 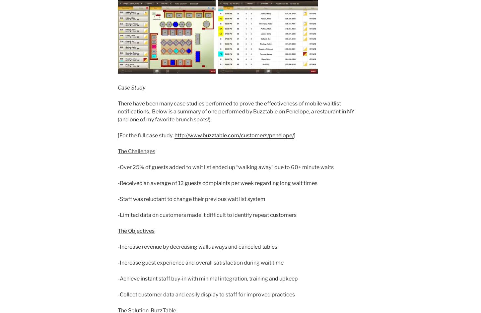 What do you see at coordinates (117, 111) in the screenshot?
I see `'There have been many case studies performed to prove the effectiveness of mobile waitlist notifications.  Below is a summary of one performed by Buzztable on Penelope, a restaurant in NY (and one of my favorite brunch spots!):'` at bounding box center [117, 111].